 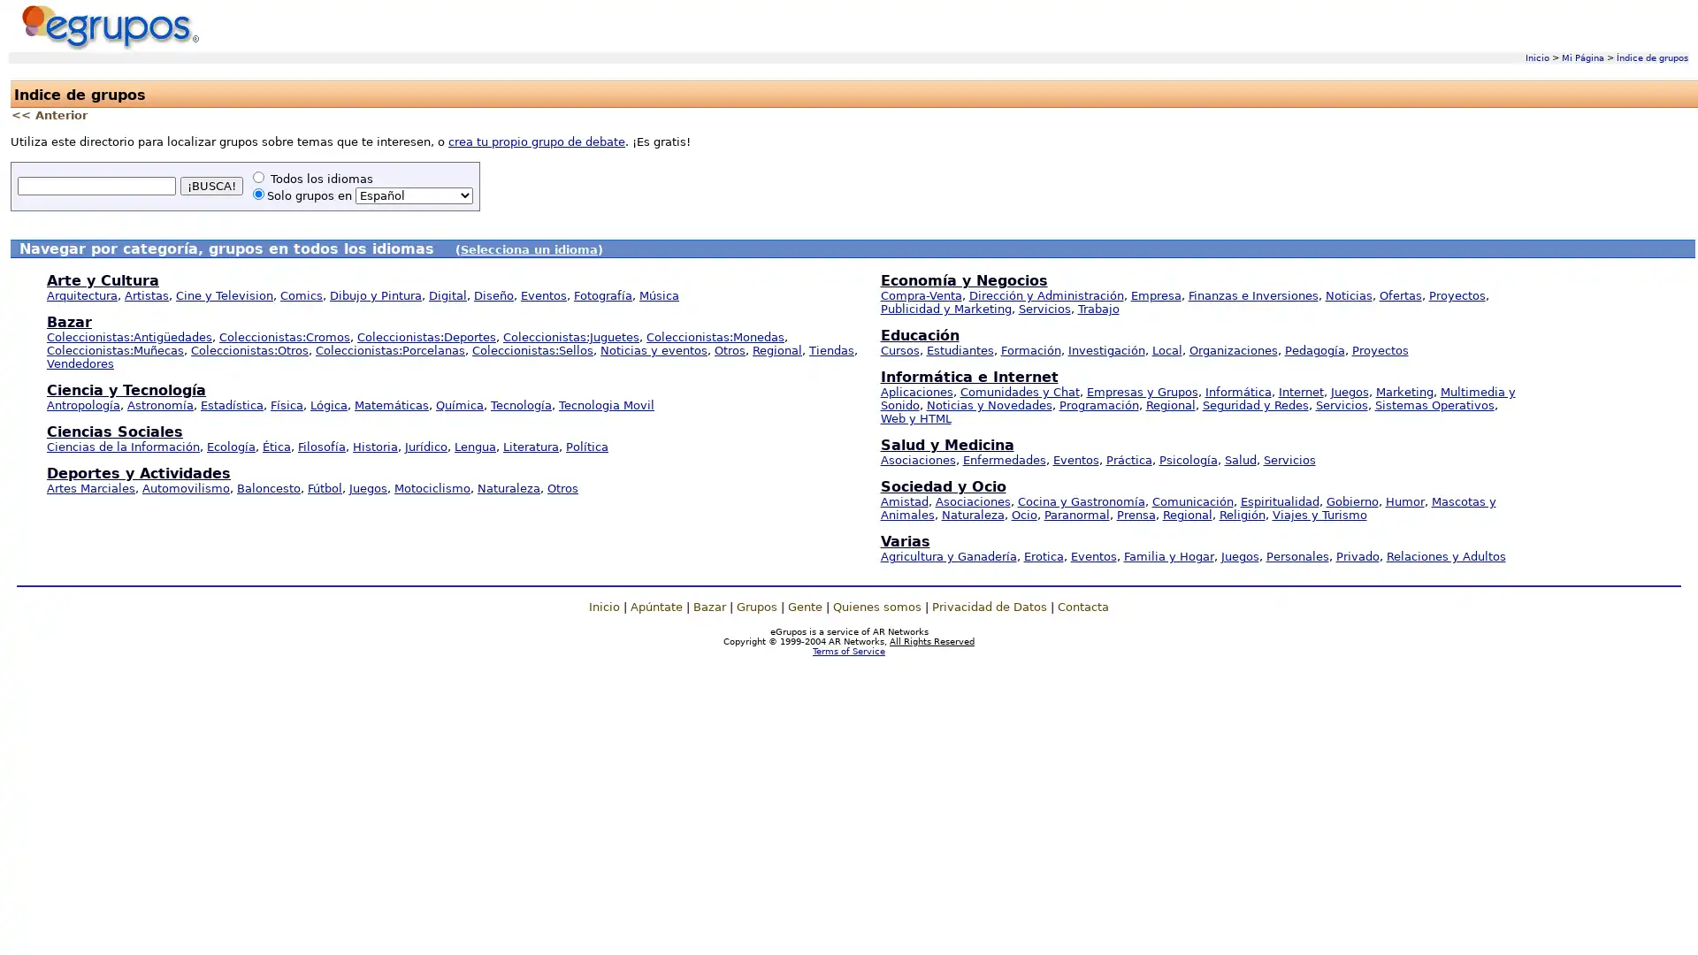 What do you see at coordinates (211, 186) in the screenshot?
I see `BUSCA!` at bounding box center [211, 186].